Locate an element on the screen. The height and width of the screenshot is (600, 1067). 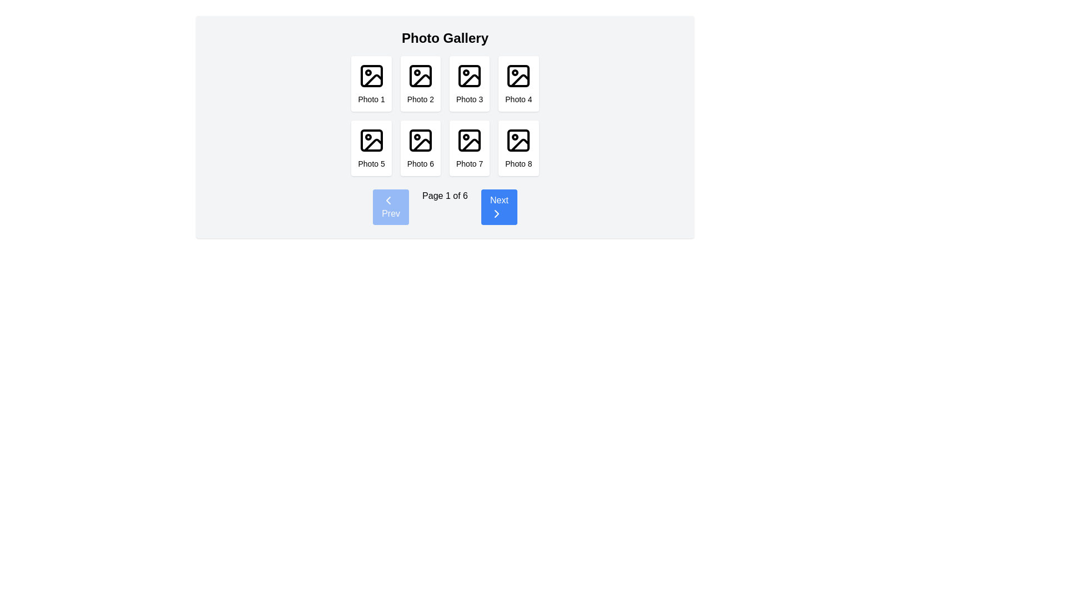
the top-left graphical element of the photo frame icon, which is the first icon in the 'Photo Gallery' section is located at coordinates (371, 76).